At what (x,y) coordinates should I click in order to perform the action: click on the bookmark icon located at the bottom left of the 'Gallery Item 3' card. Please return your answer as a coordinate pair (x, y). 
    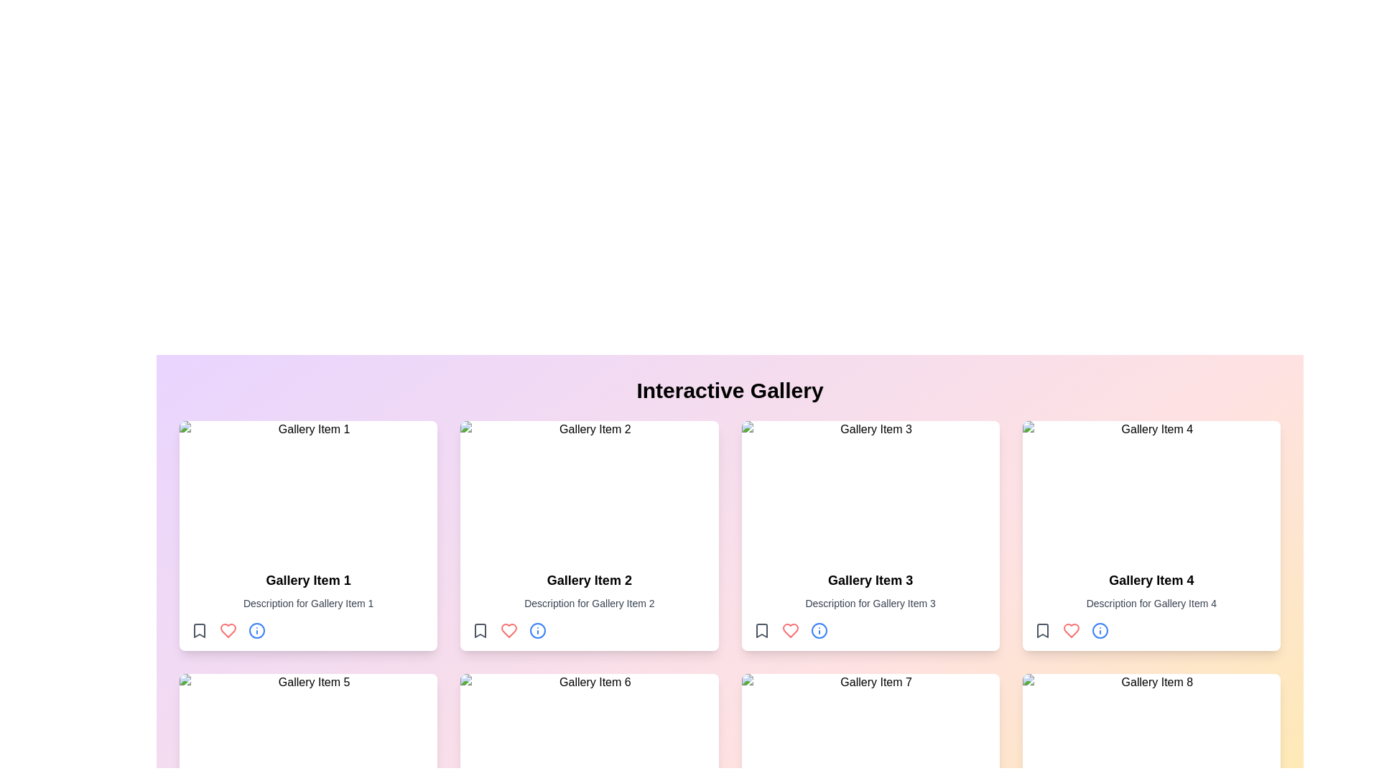
    Looking at the image, I should click on (761, 630).